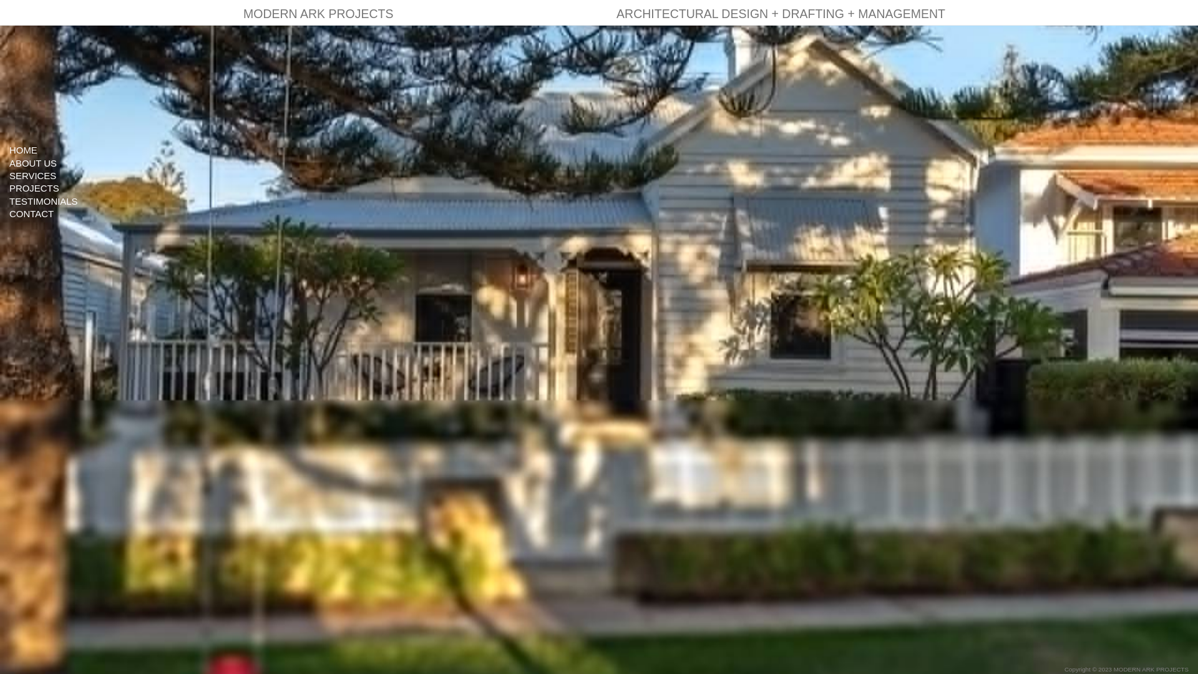  Describe the element at coordinates (0, 200) in the screenshot. I see `'TESTIMONIALS'` at that location.